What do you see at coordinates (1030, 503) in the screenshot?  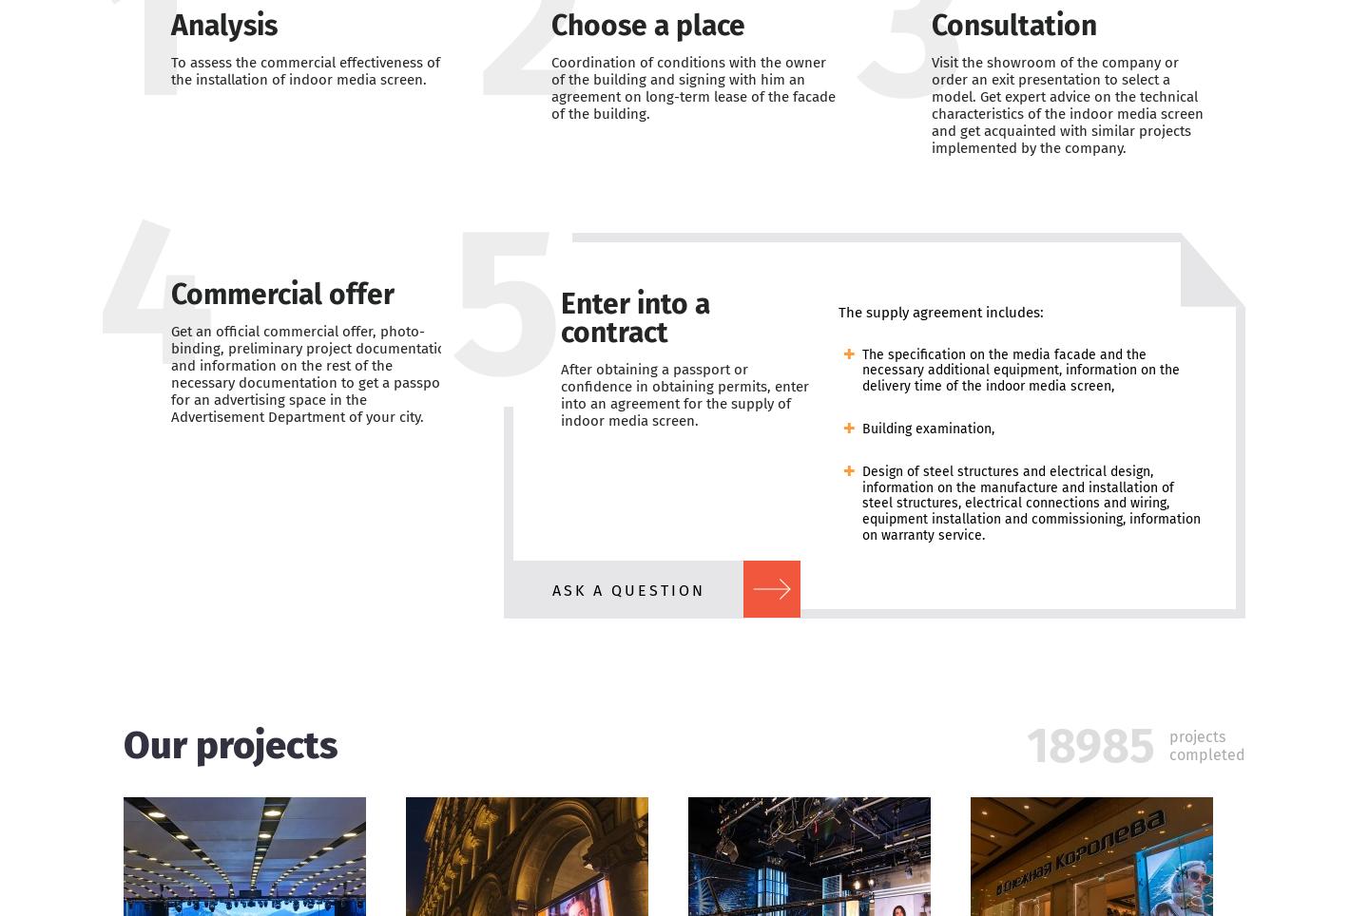 I see `'Design of steel structures and electrical design, information on the manufacture and installation of steel structures, electrical connections and wiring, equipment installation and commissioning, information on warranty service.'` at bounding box center [1030, 503].